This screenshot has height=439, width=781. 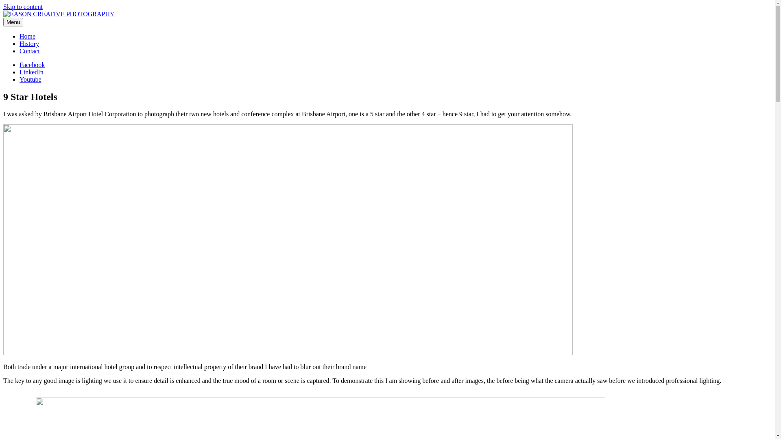 I want to click on 'Menu', so click(x=13, y=22).